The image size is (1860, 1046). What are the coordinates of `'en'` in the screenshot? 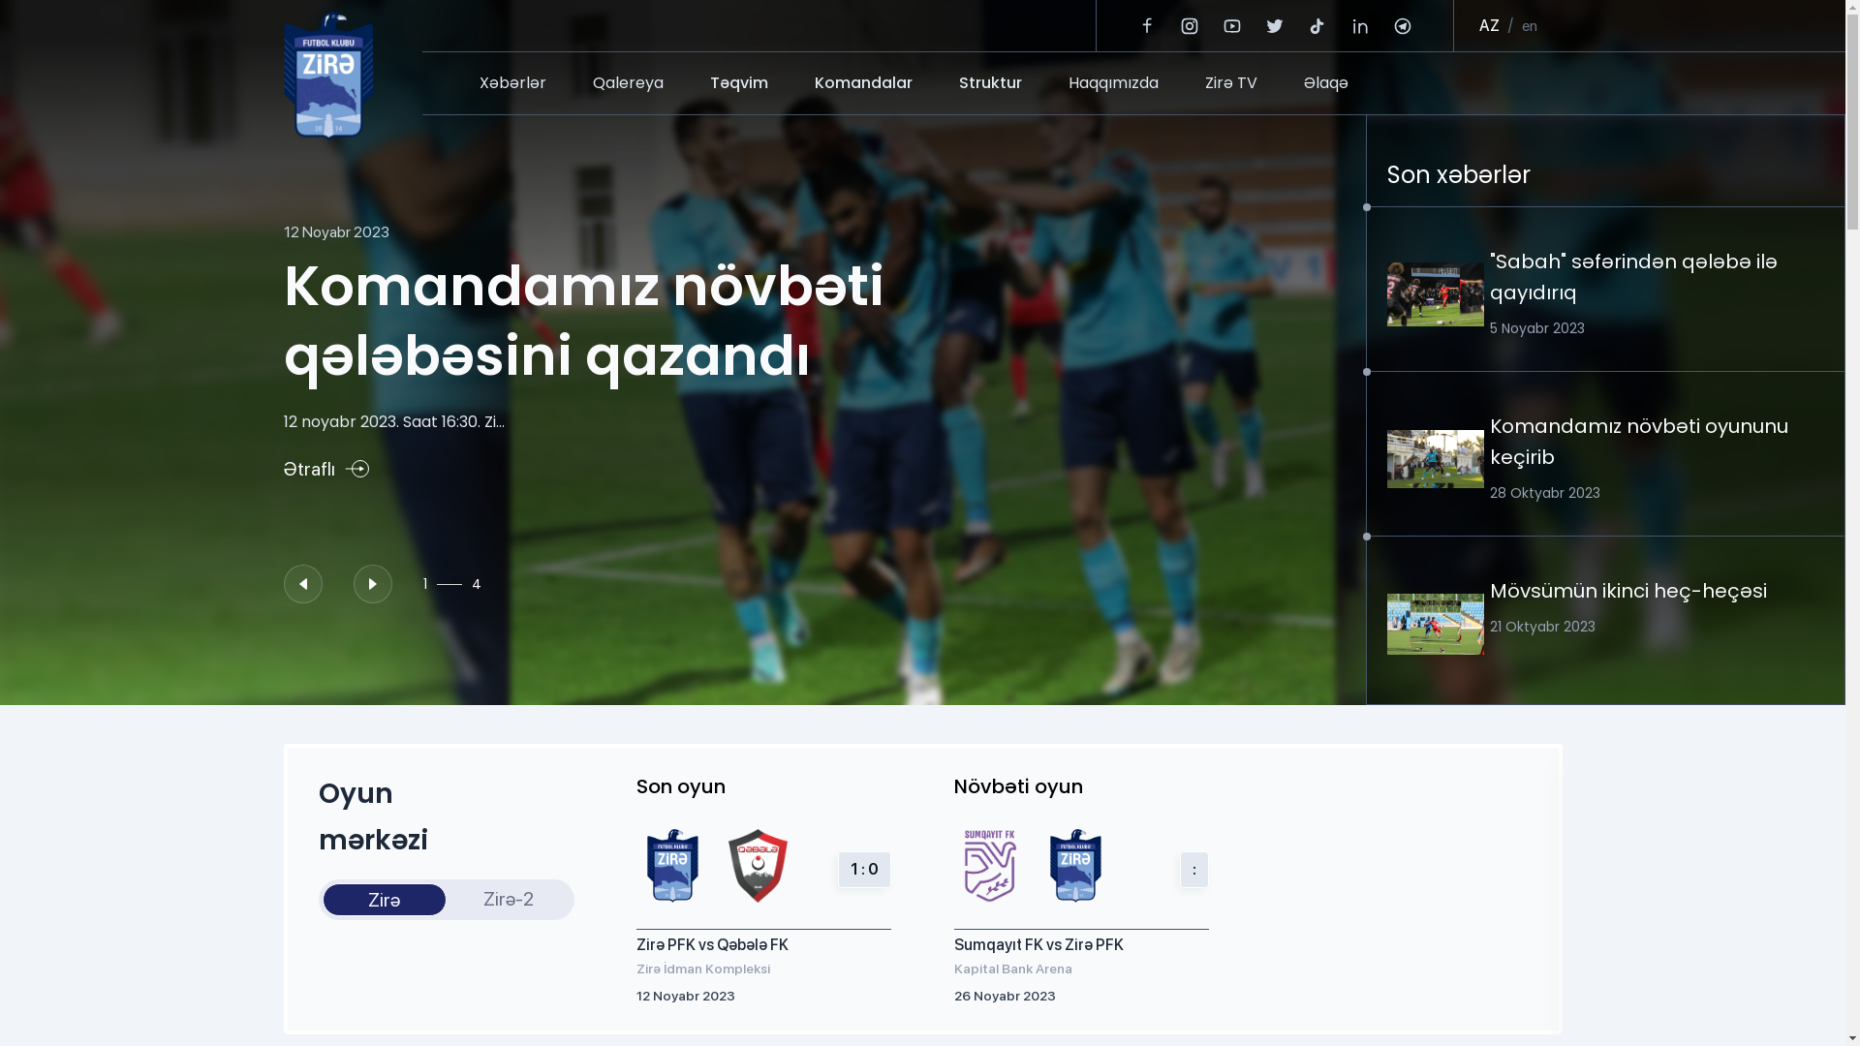 It's located at (1528, 26).